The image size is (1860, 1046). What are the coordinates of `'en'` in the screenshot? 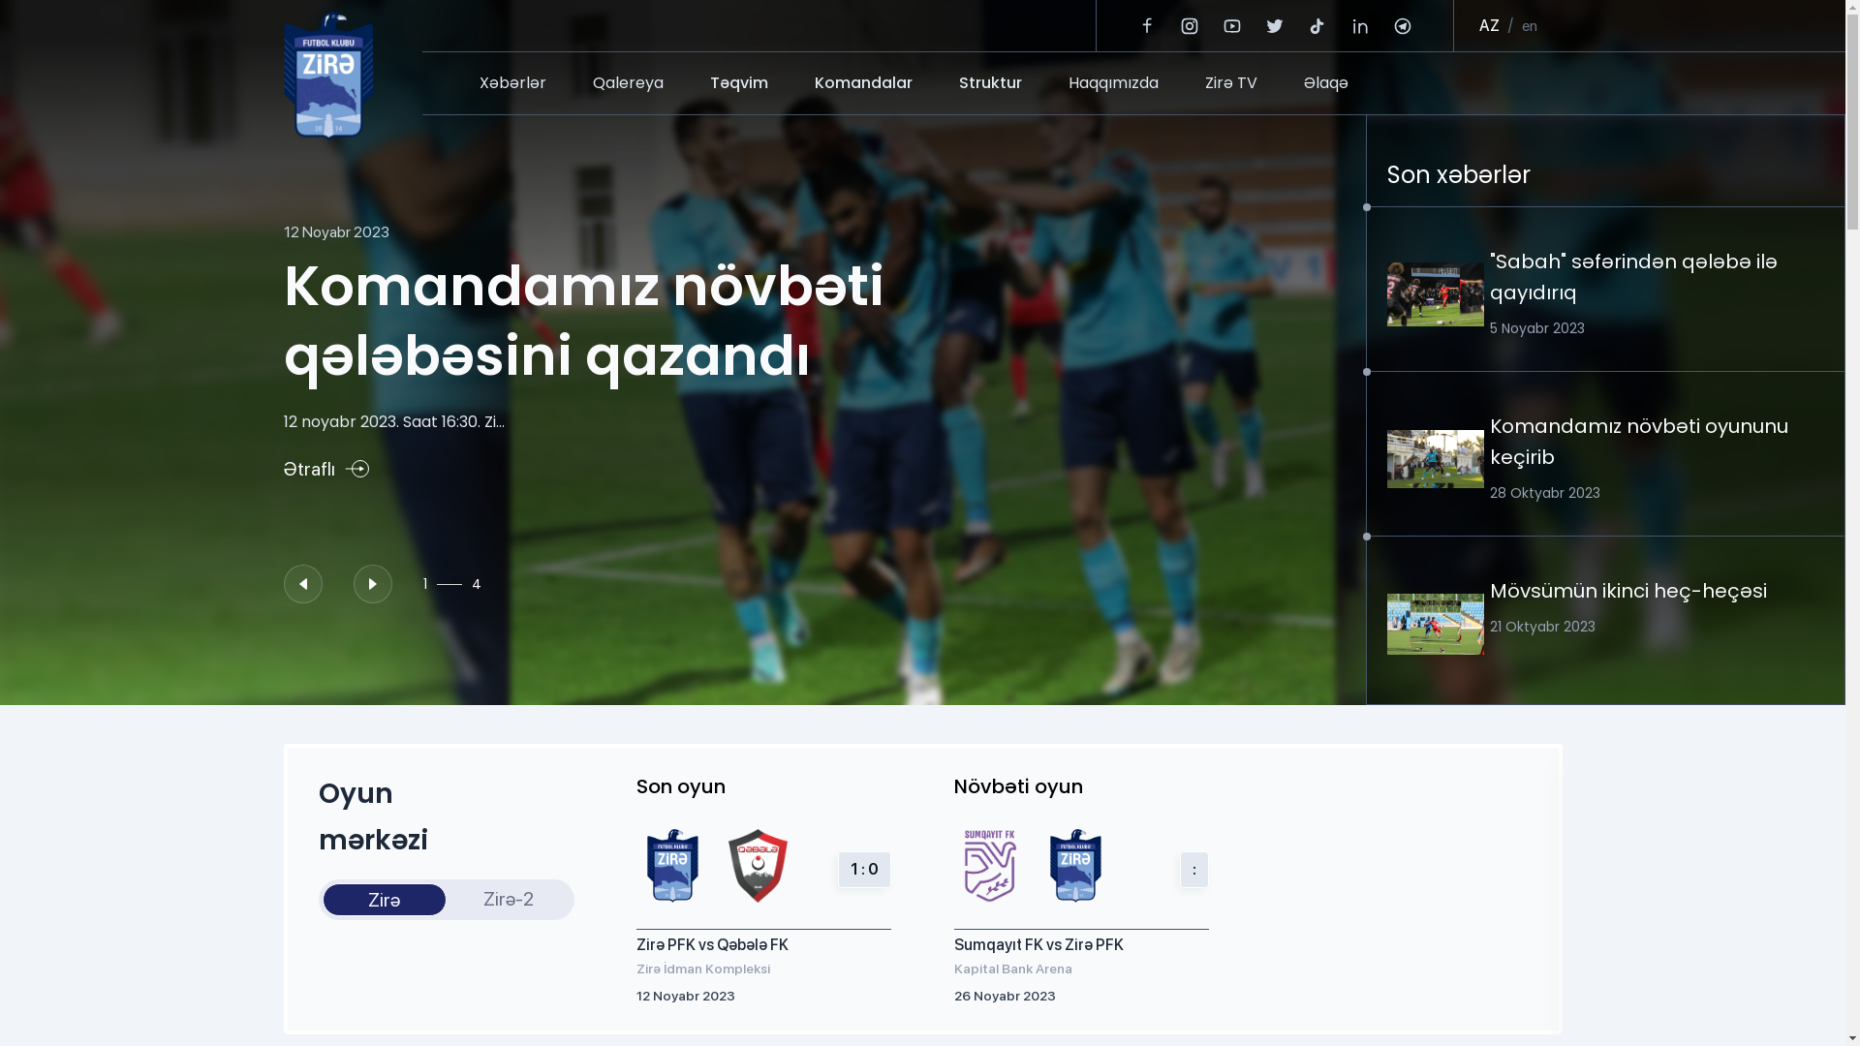 It's located at (1528, 26).